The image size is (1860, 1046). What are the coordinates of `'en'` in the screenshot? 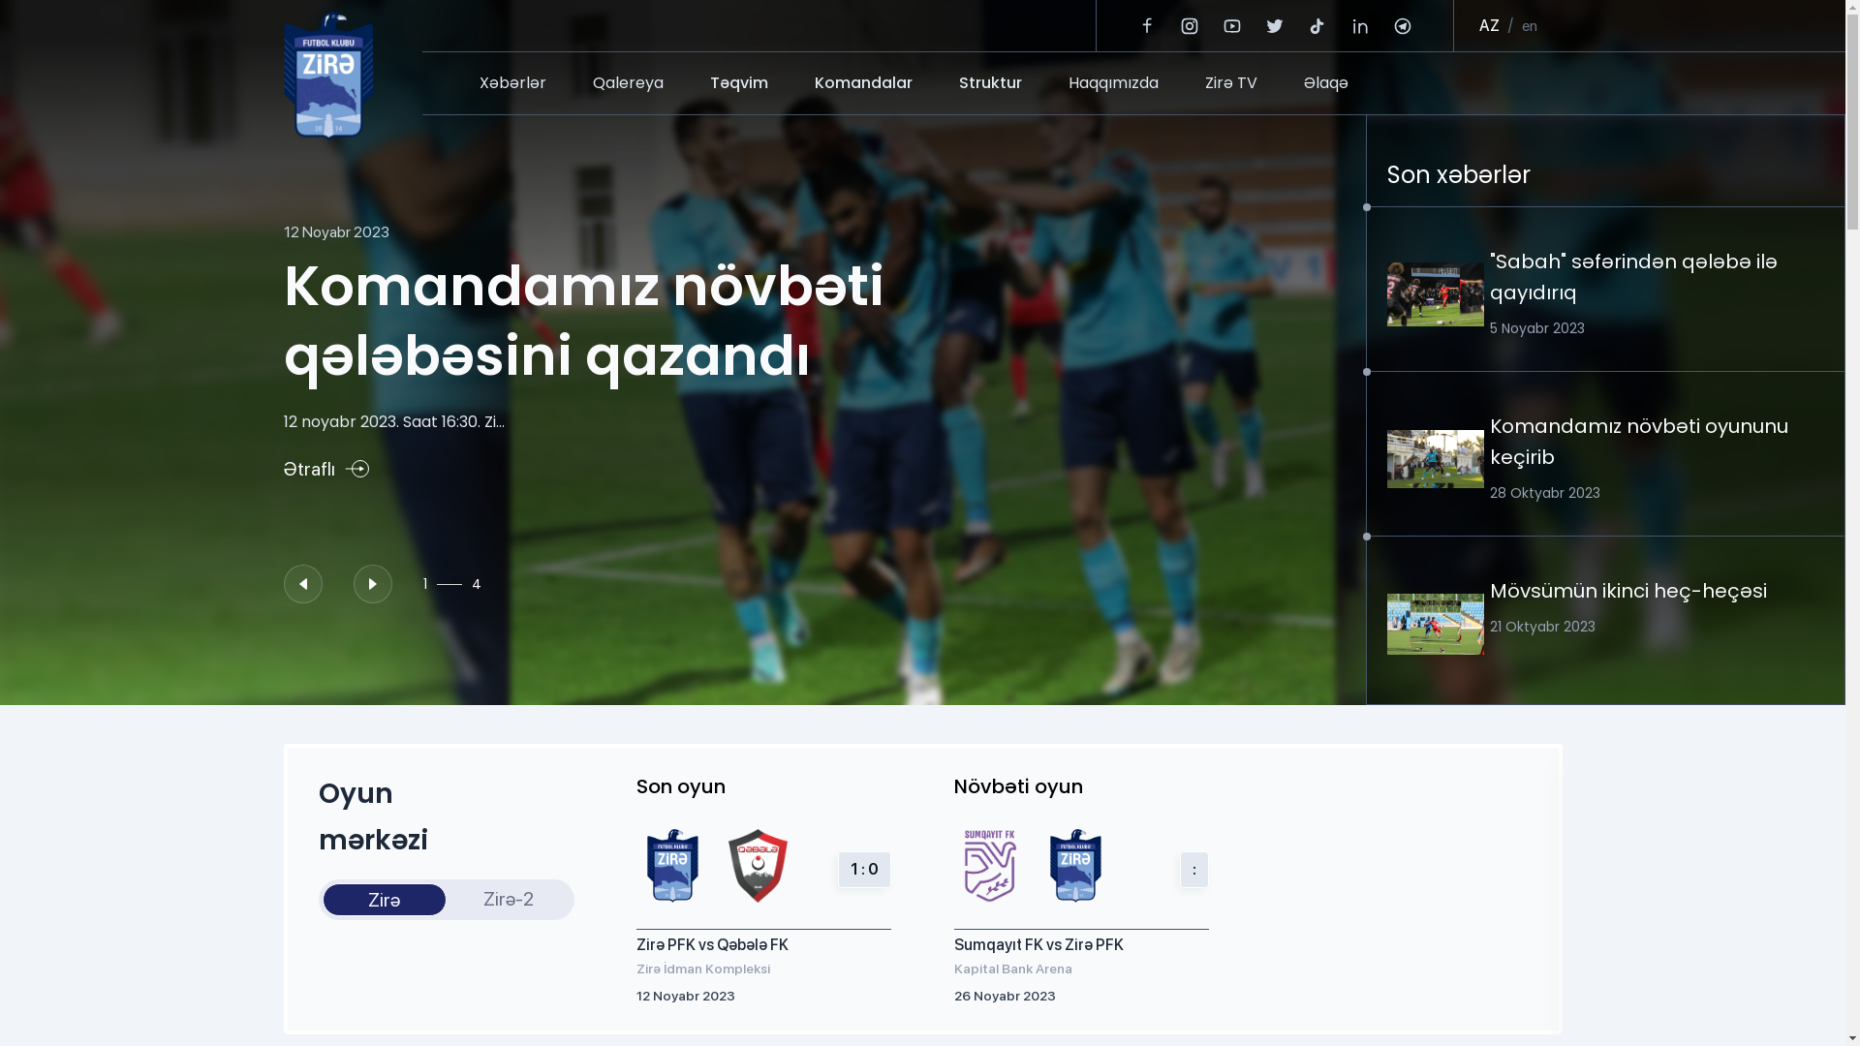 It's located at (1528, 26).